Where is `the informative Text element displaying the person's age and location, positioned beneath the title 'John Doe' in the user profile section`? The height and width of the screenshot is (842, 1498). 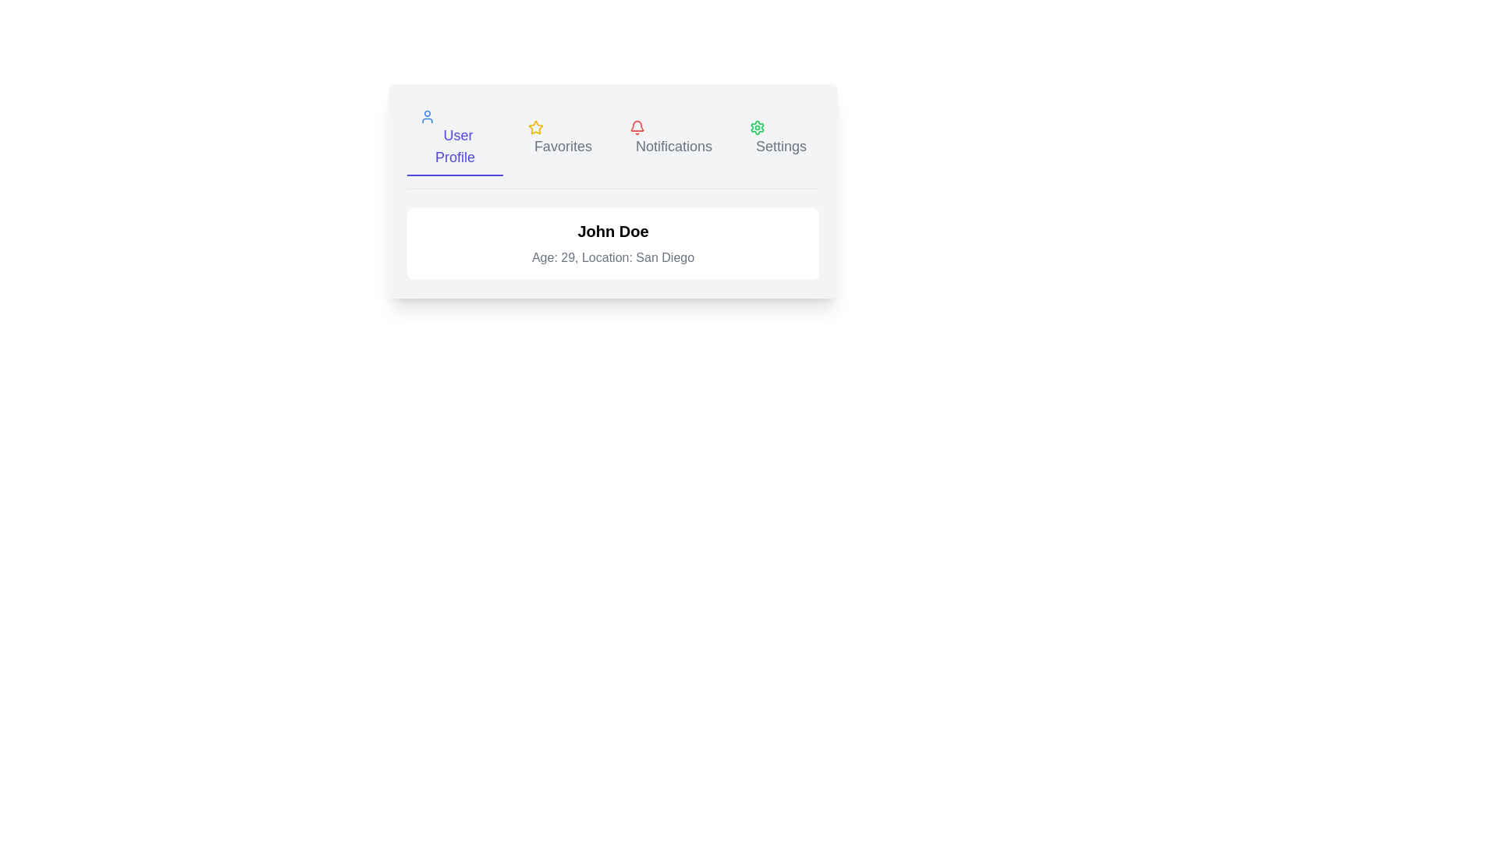
the informative Text element displaying the person's age and location, positioned beneath the title 'John Doe' in the user profile section is located at coordinates (612, 257).